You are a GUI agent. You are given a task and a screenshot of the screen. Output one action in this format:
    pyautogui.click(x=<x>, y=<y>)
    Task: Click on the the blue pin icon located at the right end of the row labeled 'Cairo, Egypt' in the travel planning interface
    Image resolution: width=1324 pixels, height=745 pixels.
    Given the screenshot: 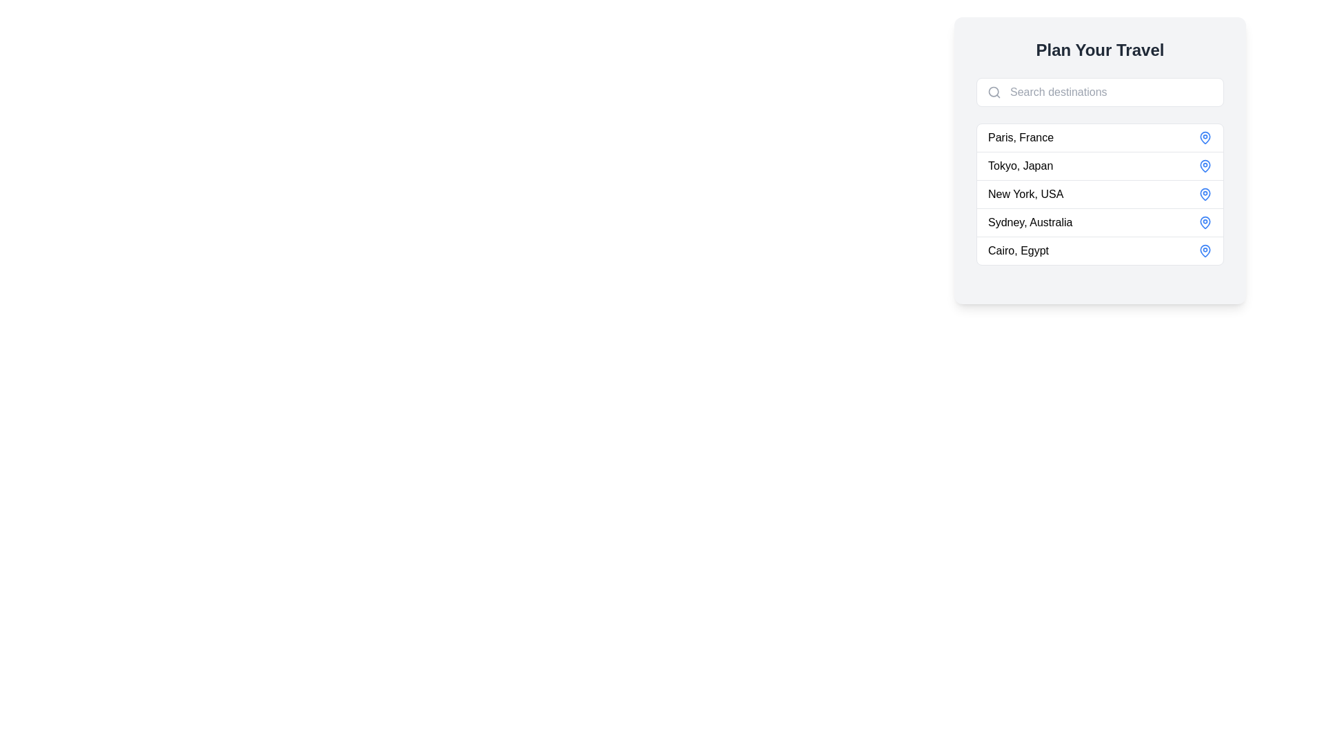 What is the action you would take?
    pyautogui.click(x=1204, y=250)
    